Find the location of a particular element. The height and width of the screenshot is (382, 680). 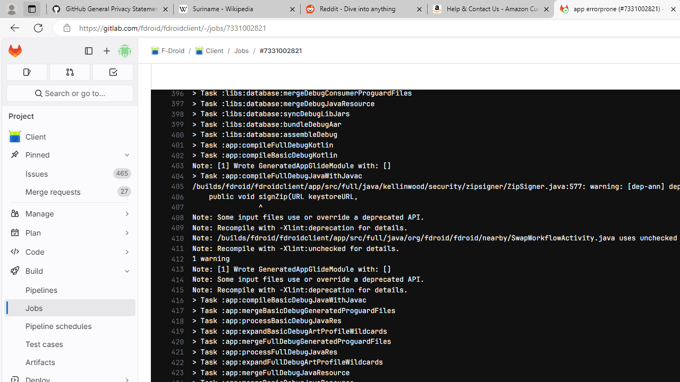

'422' is located at coordinates (175, 362).